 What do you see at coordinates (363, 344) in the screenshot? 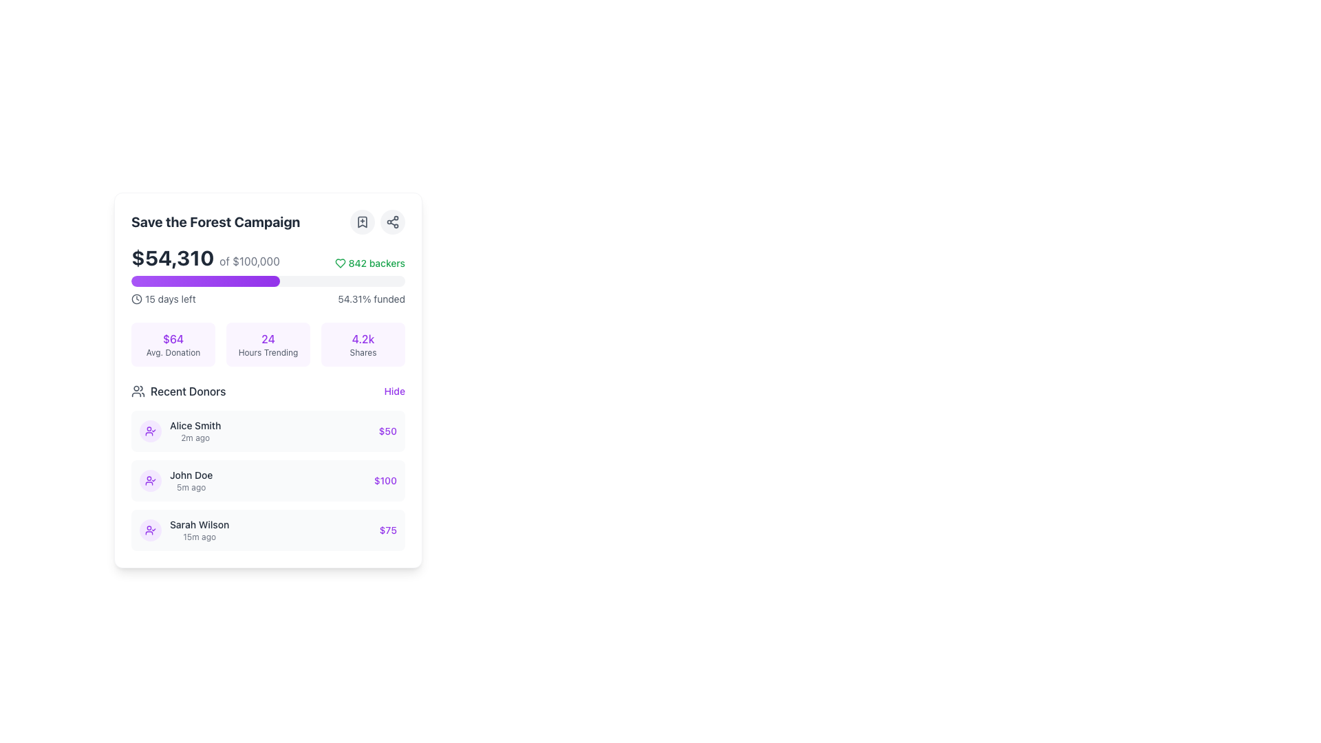
I see `the Display card that shows the count of shares related to a campaign, located in the rightmost column of a three-column layout` at bounding box center [363, 344].